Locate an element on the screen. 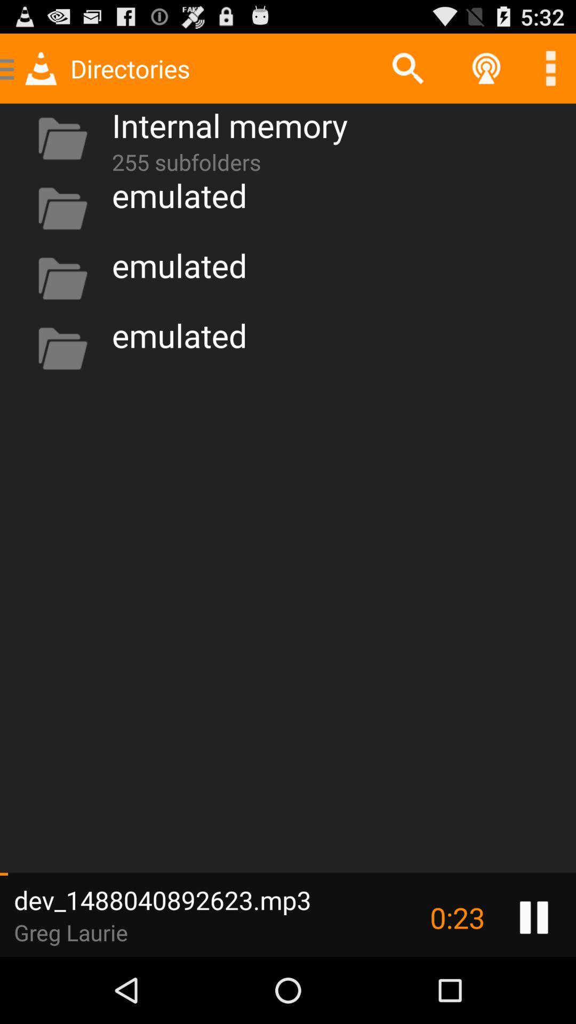 The width and height of the screenshot is (576, 1024). the item to the right of 0:24 app is located at coordinates (534, 917).